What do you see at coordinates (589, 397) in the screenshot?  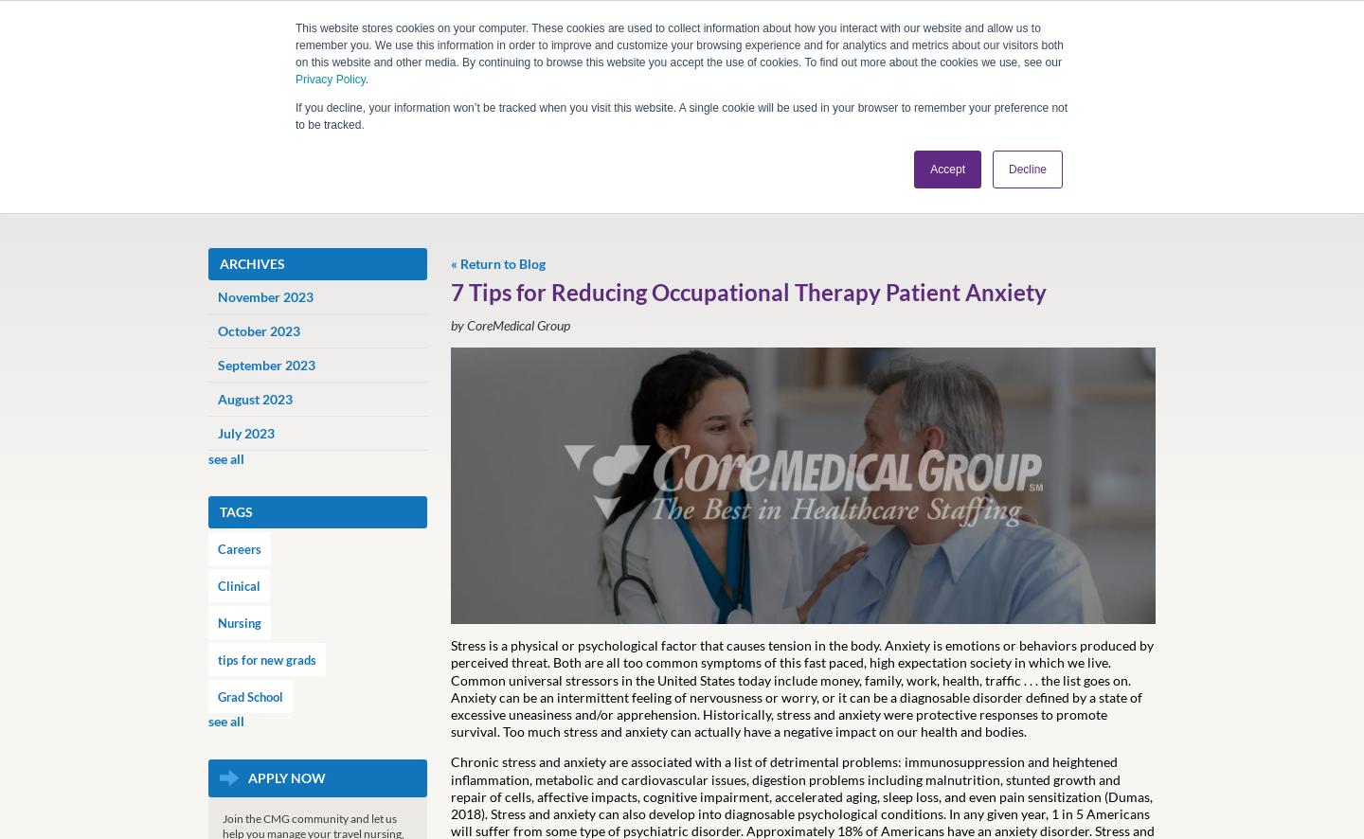 I see `'Interim Healthcare Management'` at bounding box center [589, 397].